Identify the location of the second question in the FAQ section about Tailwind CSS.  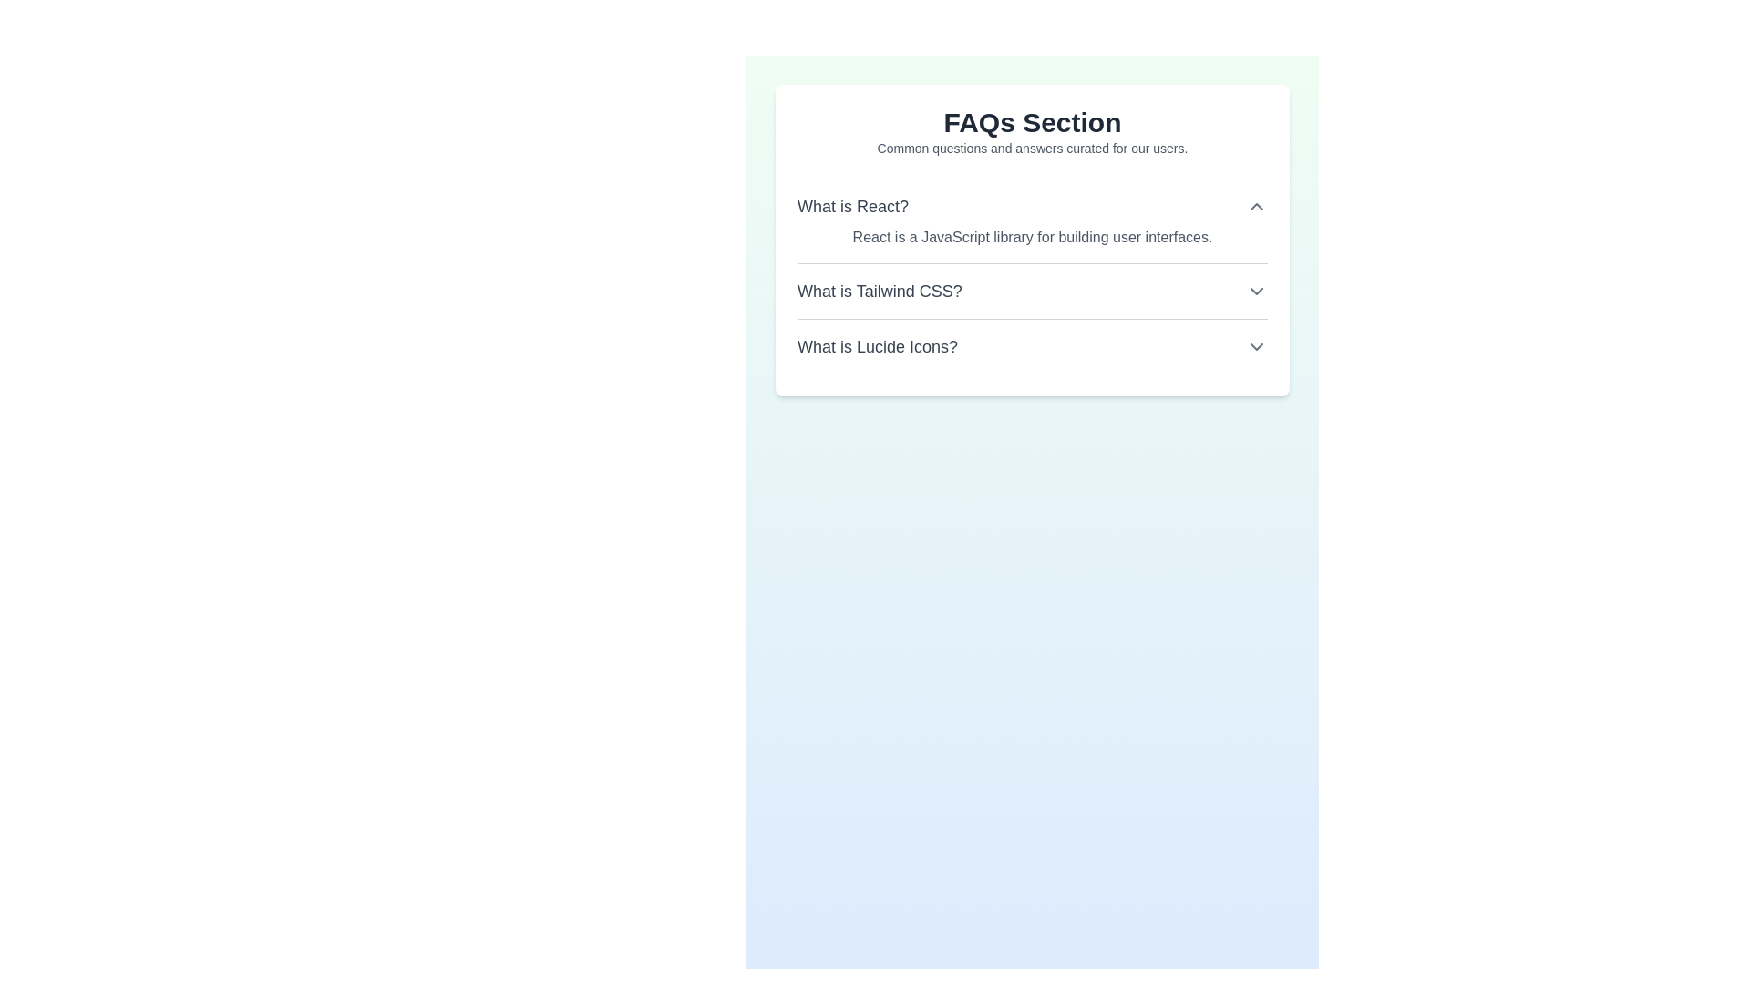
(1032, 290).